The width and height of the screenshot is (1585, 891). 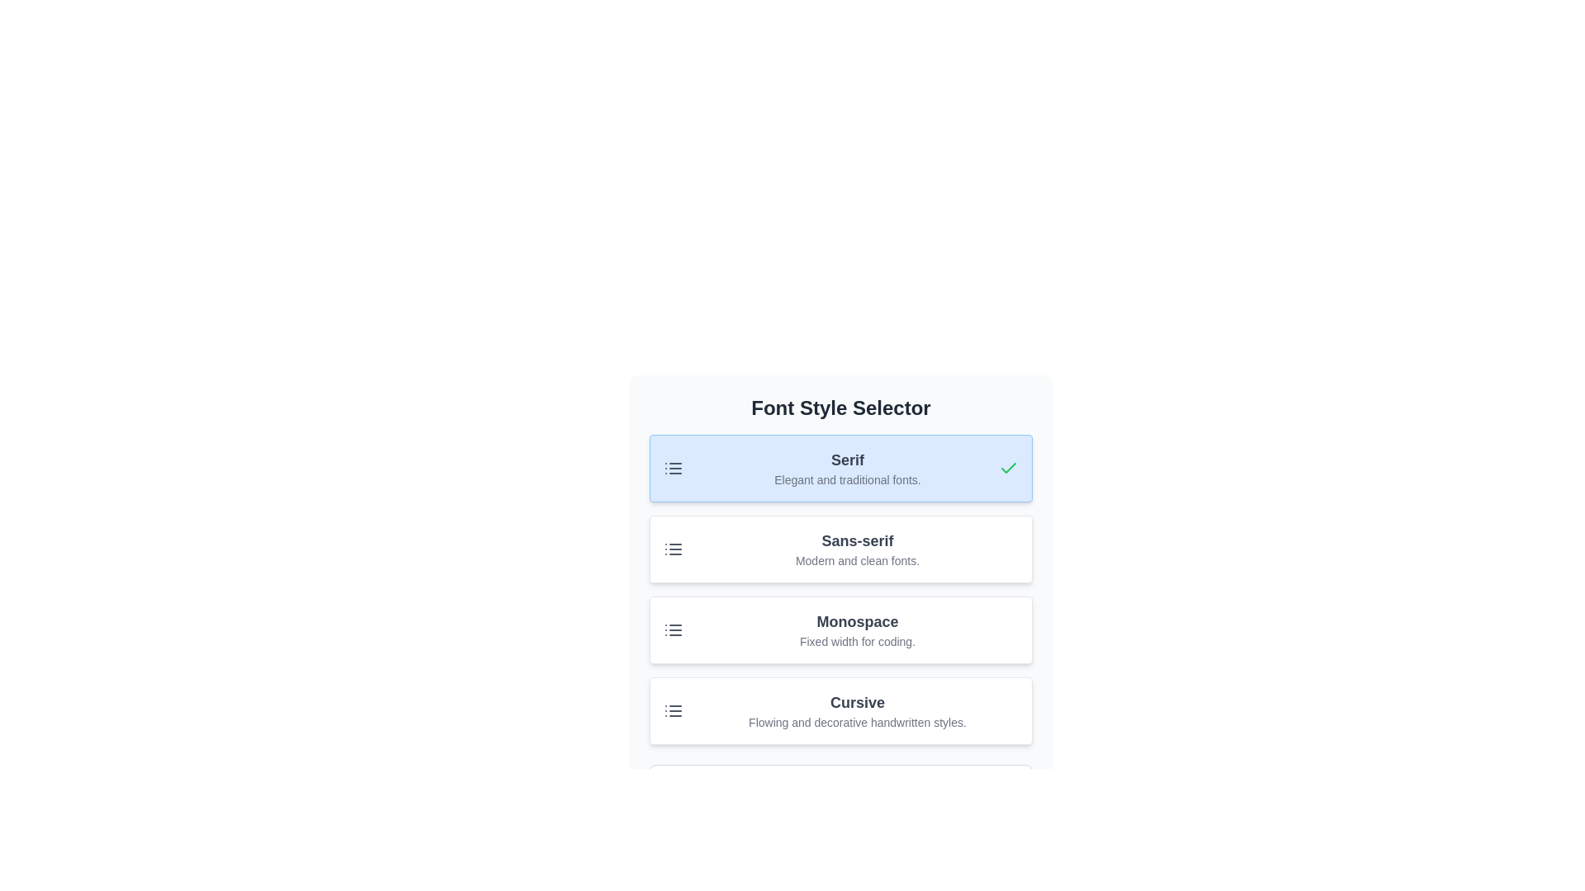 What do you see at coordinates (857, 641) in the screenshot?
I see `the descriptive label for the 'Monospace' font style option, which is located below the bold heading 'Monospace' in the 'Font Style Selector' interface` at bounding box center [857, 641].